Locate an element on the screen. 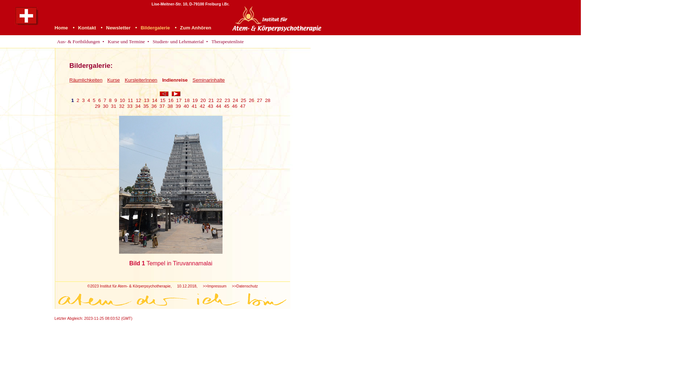  '33' is located at coordinates (130, 106).